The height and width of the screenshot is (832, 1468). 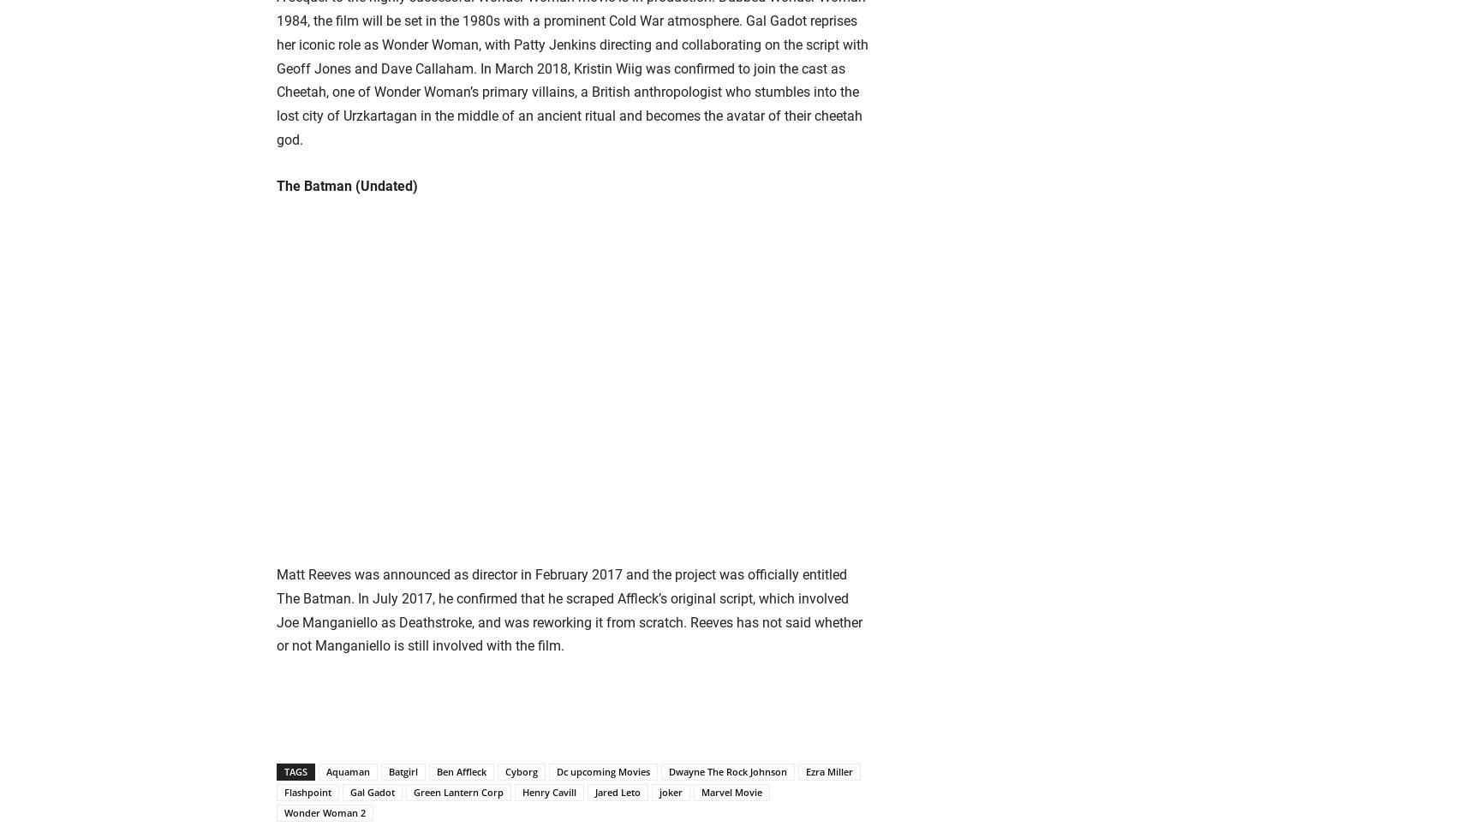 I want to click on 'Matt Reeves was announced as director in February 2017 and the project was officially entitled The Batman. In July 2017, he confirmed that he scraped Affleck’s original script, which involved Joe Manganiello as Deathstroke, and was reworking it from scratch. Reeves has not said whether or not Manganiello is still involved with the film.', so click(x=569, y=609).